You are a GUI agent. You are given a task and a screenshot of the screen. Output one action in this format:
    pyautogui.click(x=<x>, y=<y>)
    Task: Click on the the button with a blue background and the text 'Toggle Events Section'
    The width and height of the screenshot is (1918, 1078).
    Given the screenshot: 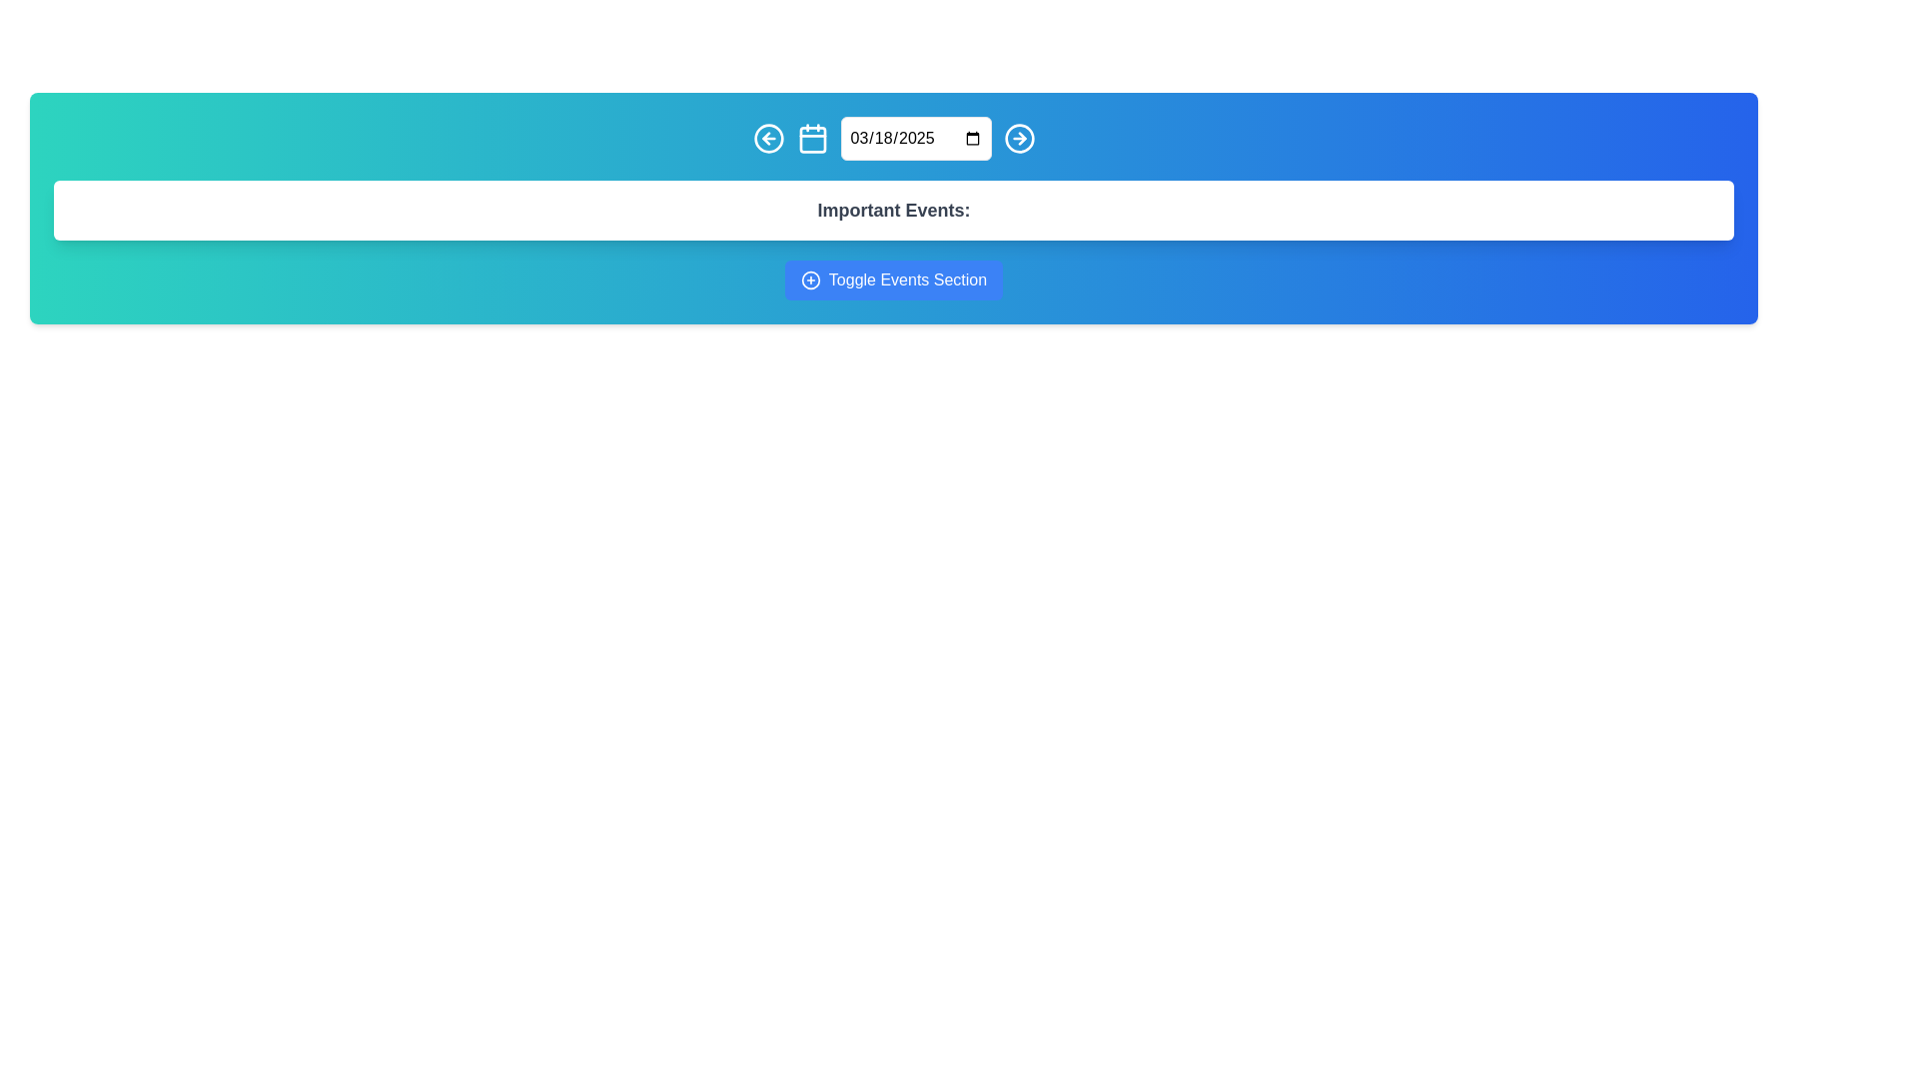 What is the action you would take?
    pyautogui.click(x=892, y=280)
    